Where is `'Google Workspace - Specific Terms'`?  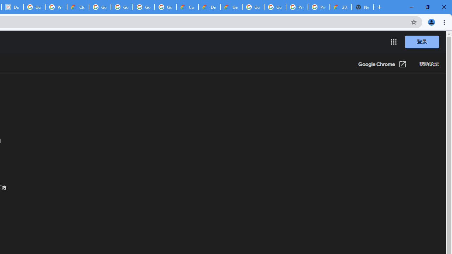 'Google Workspace - Specific Terms' is located at coordinates (143, 7).